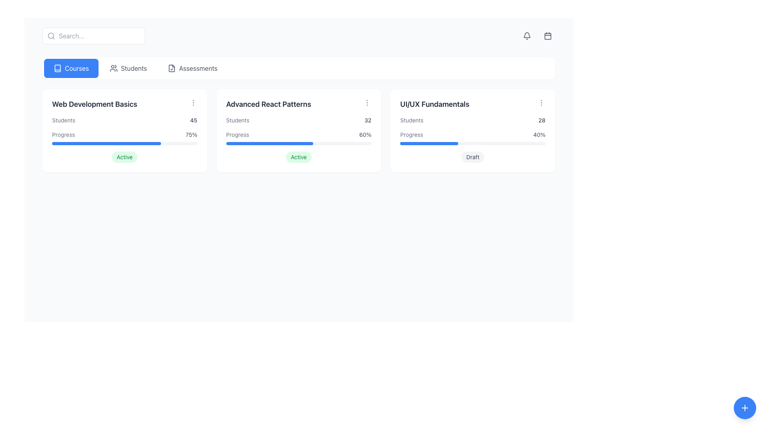 Image resolution: width=769 pixels, height=432 pixels. Describe the element at coordinates (298, 104) in the screenshot. I see `the header/title text element that identifies the Advanced React Patterns course card located in the center column of a three-column grid layout` at that location.